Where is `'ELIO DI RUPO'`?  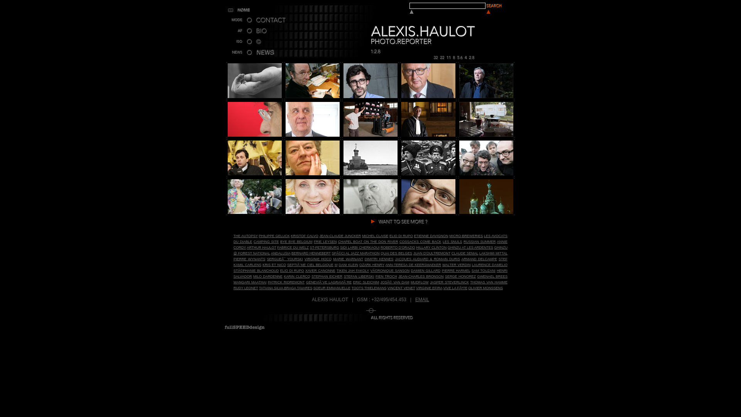 'ELIO DI RUPO' is located at coordinates (292, 270).